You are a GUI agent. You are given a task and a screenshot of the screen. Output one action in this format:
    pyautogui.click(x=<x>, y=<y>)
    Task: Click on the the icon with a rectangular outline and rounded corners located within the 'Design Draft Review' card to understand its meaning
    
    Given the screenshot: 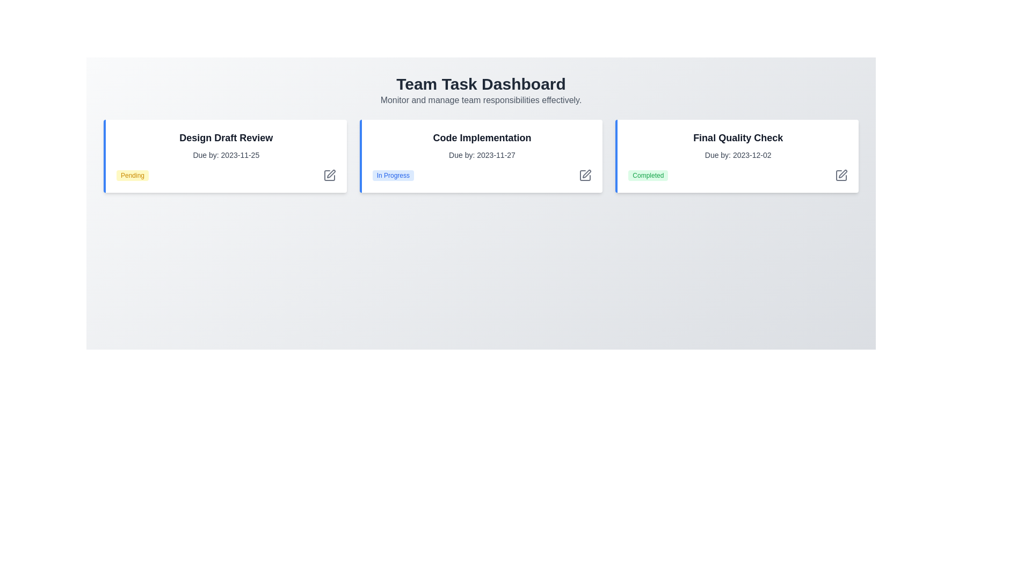 What is the action you would take?
    pyautogui.click(x=329, y=175)
    